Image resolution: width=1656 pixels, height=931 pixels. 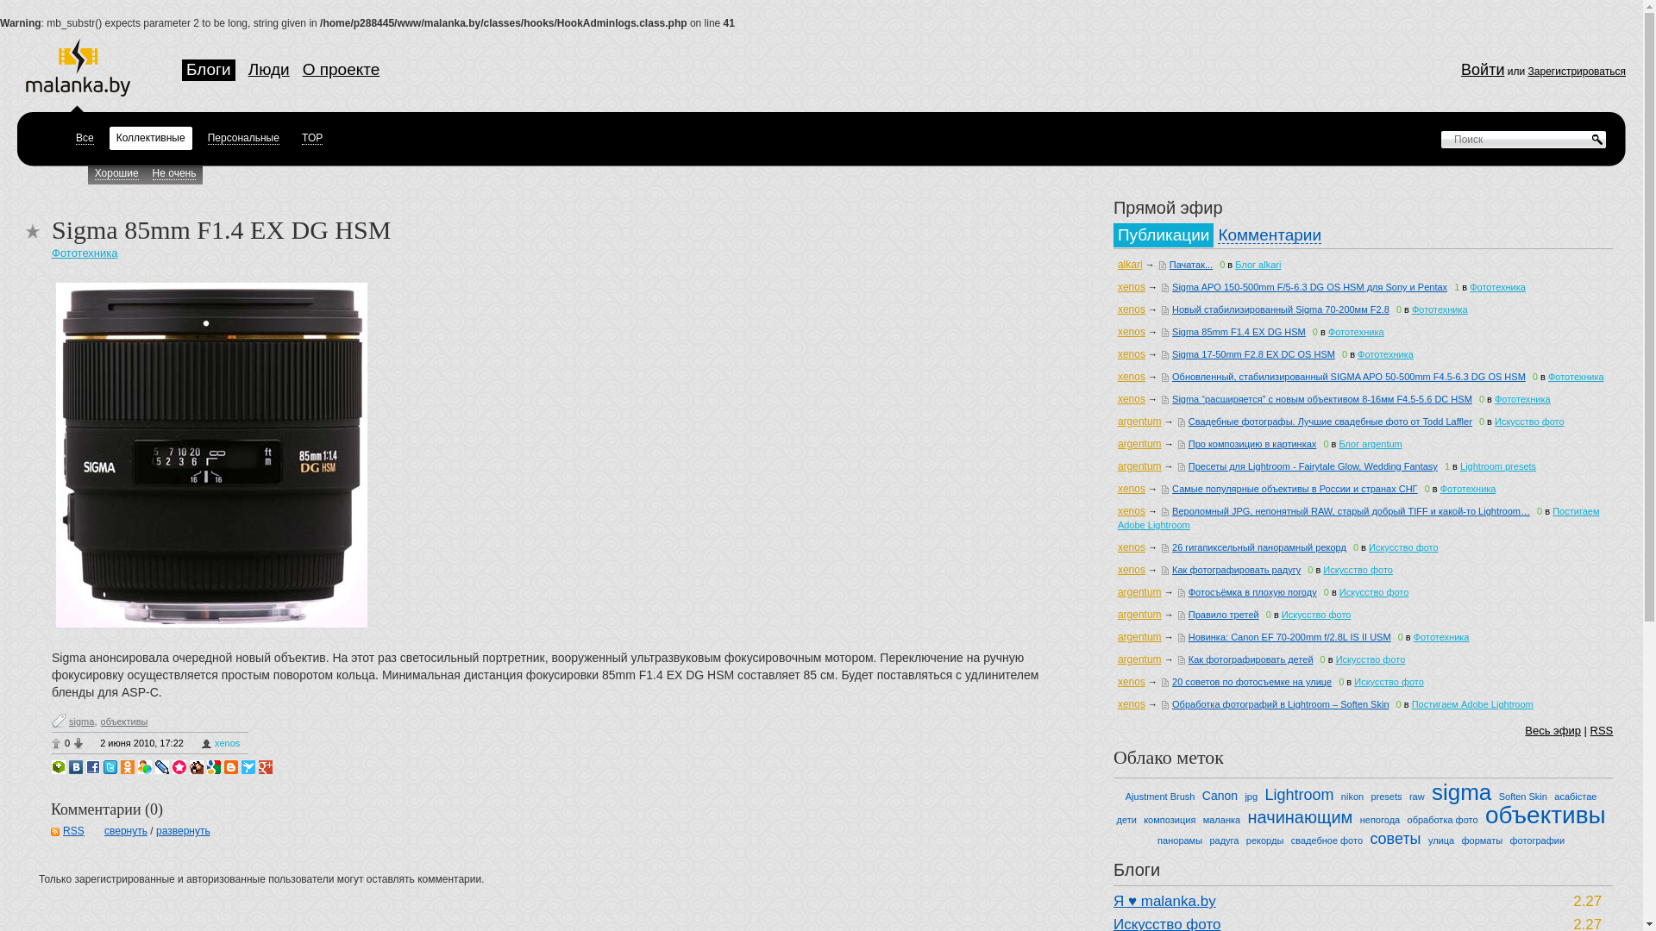 What do you see at coordinates (1416, 797) in the screenshot?
I see `'raw'` at bounding box center [1416, 797].